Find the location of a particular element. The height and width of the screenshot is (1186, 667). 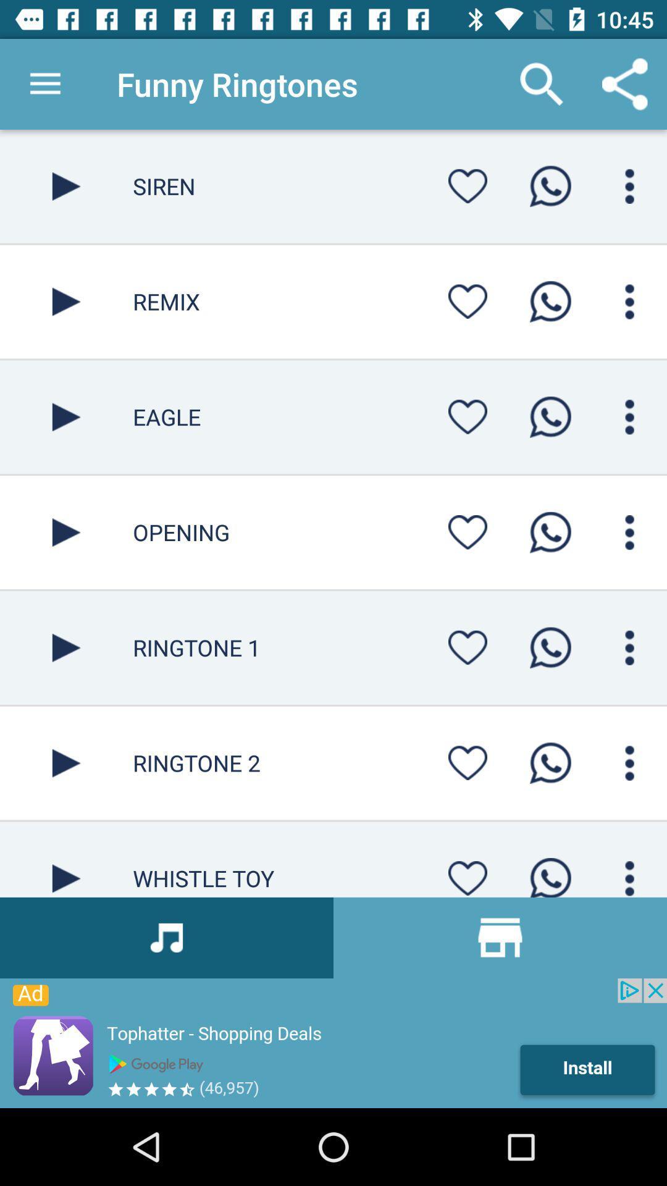

to favorites is located at coordinates (468, 874).